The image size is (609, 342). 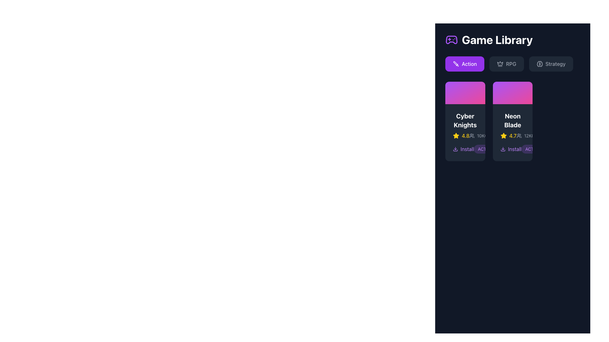 What do you see at coordinates (513, 64) in the screenshot?
I see `the 'RPG' button in the menu bar which has a dark background, grey text, and a crown icon` at bounding box center [513, 64].